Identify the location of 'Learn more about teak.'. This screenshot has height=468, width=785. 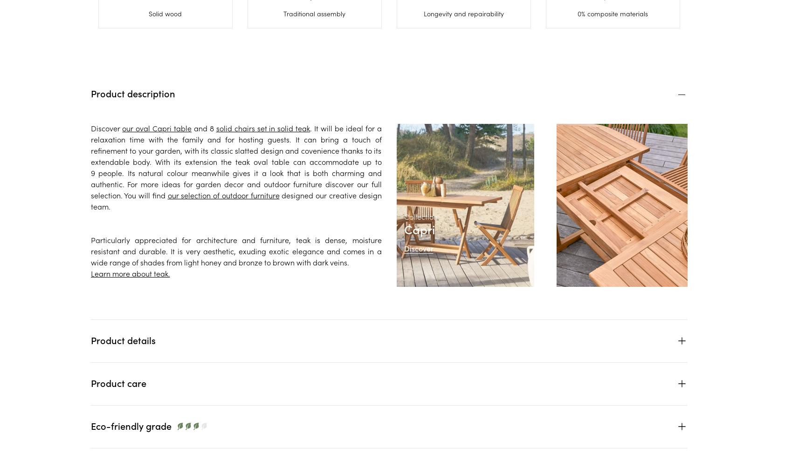
(130, 273).